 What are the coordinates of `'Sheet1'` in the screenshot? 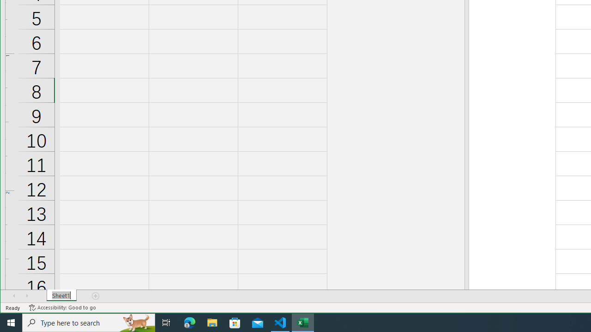 It's located at (61, 296).